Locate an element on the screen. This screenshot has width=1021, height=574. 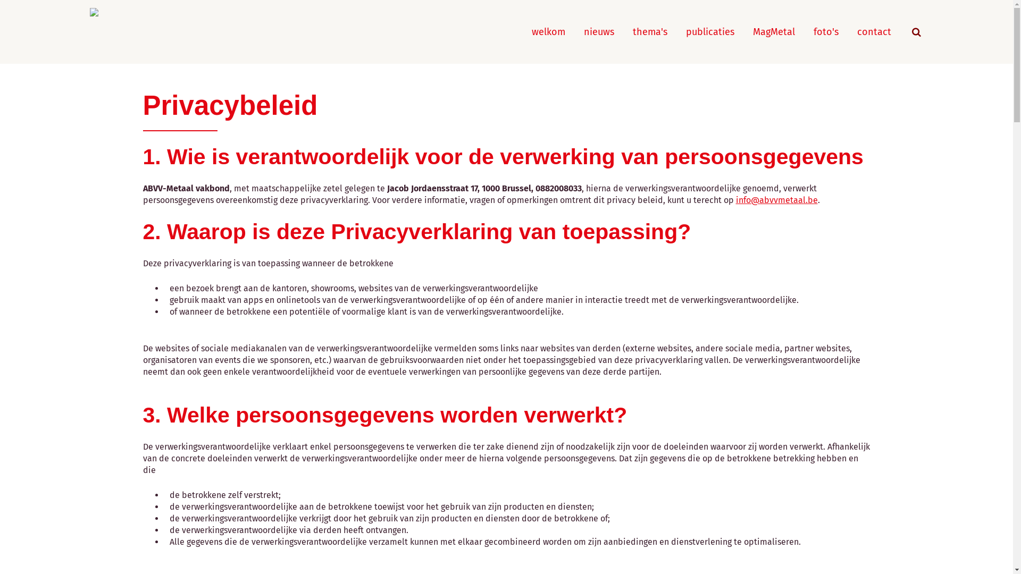
'foto's' is located at coordinates (825, 31).